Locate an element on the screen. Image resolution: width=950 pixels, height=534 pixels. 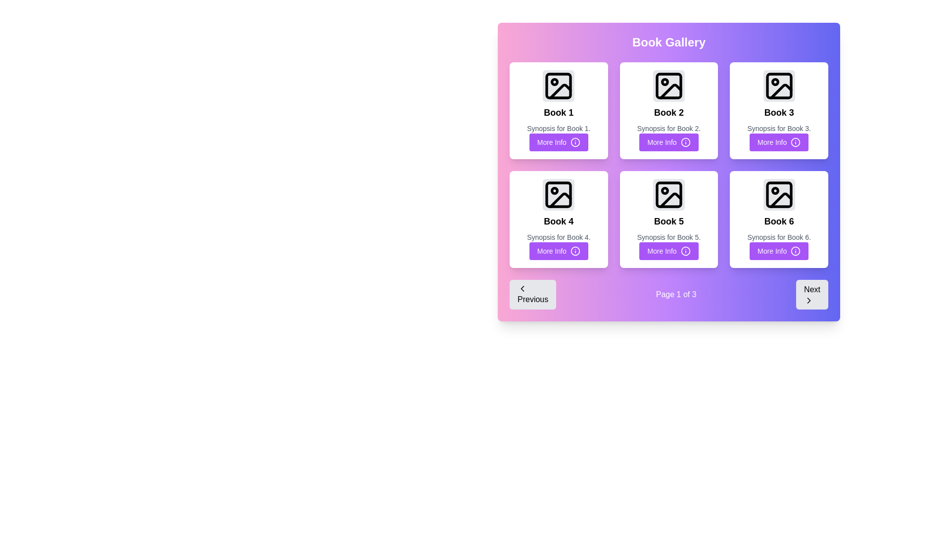
the image placeholder graphic for Book 6 located at the top-center of its card for further interaction is located at coordinates (778, 194).